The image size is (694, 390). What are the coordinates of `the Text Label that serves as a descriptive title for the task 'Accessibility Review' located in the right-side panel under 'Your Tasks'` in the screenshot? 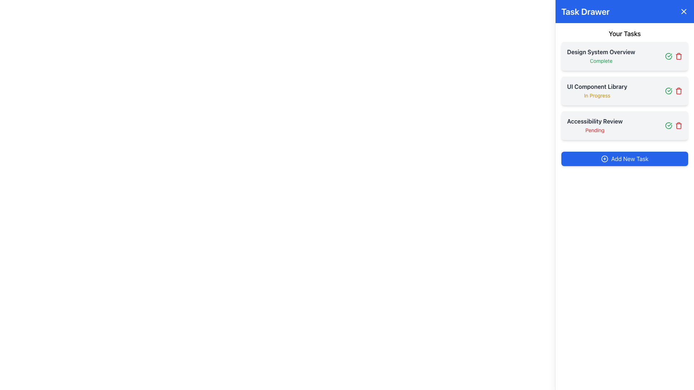 It's located at (595, 121).